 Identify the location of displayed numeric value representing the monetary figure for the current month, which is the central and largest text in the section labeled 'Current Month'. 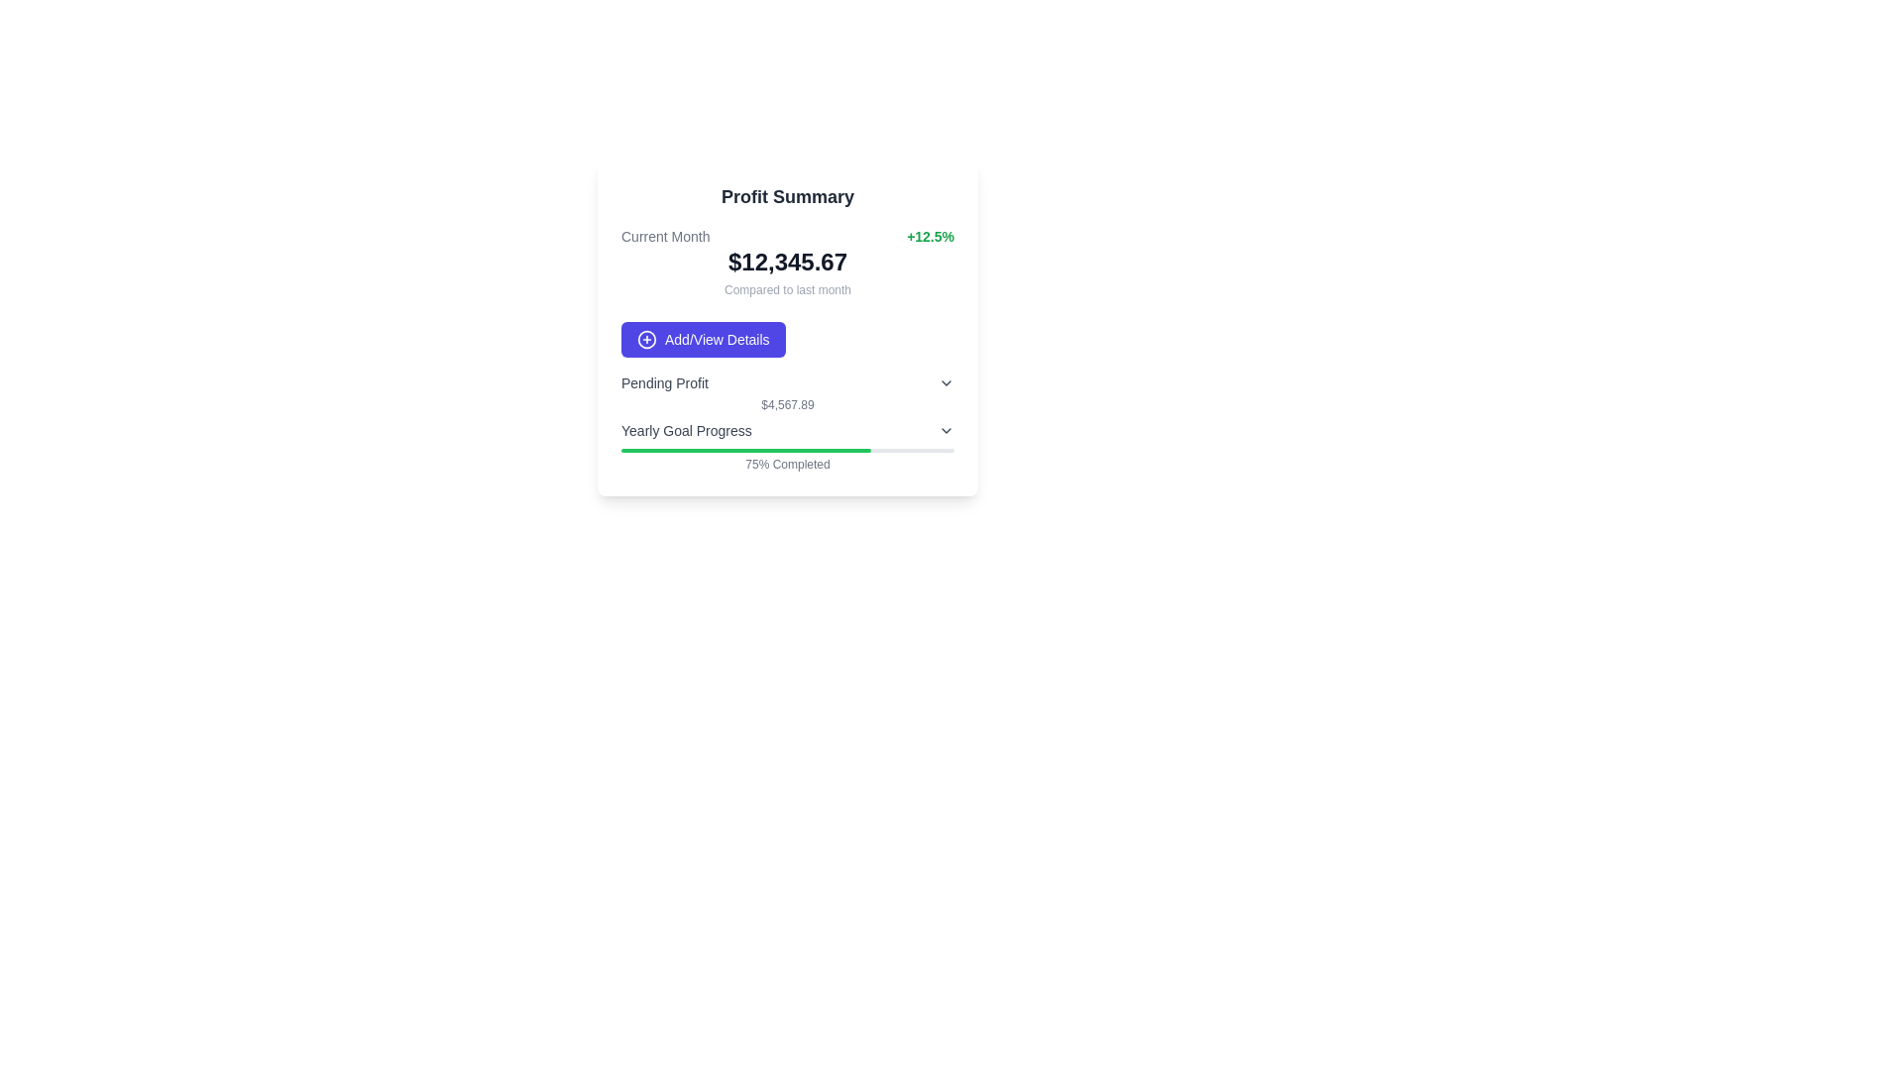
(787, 262).